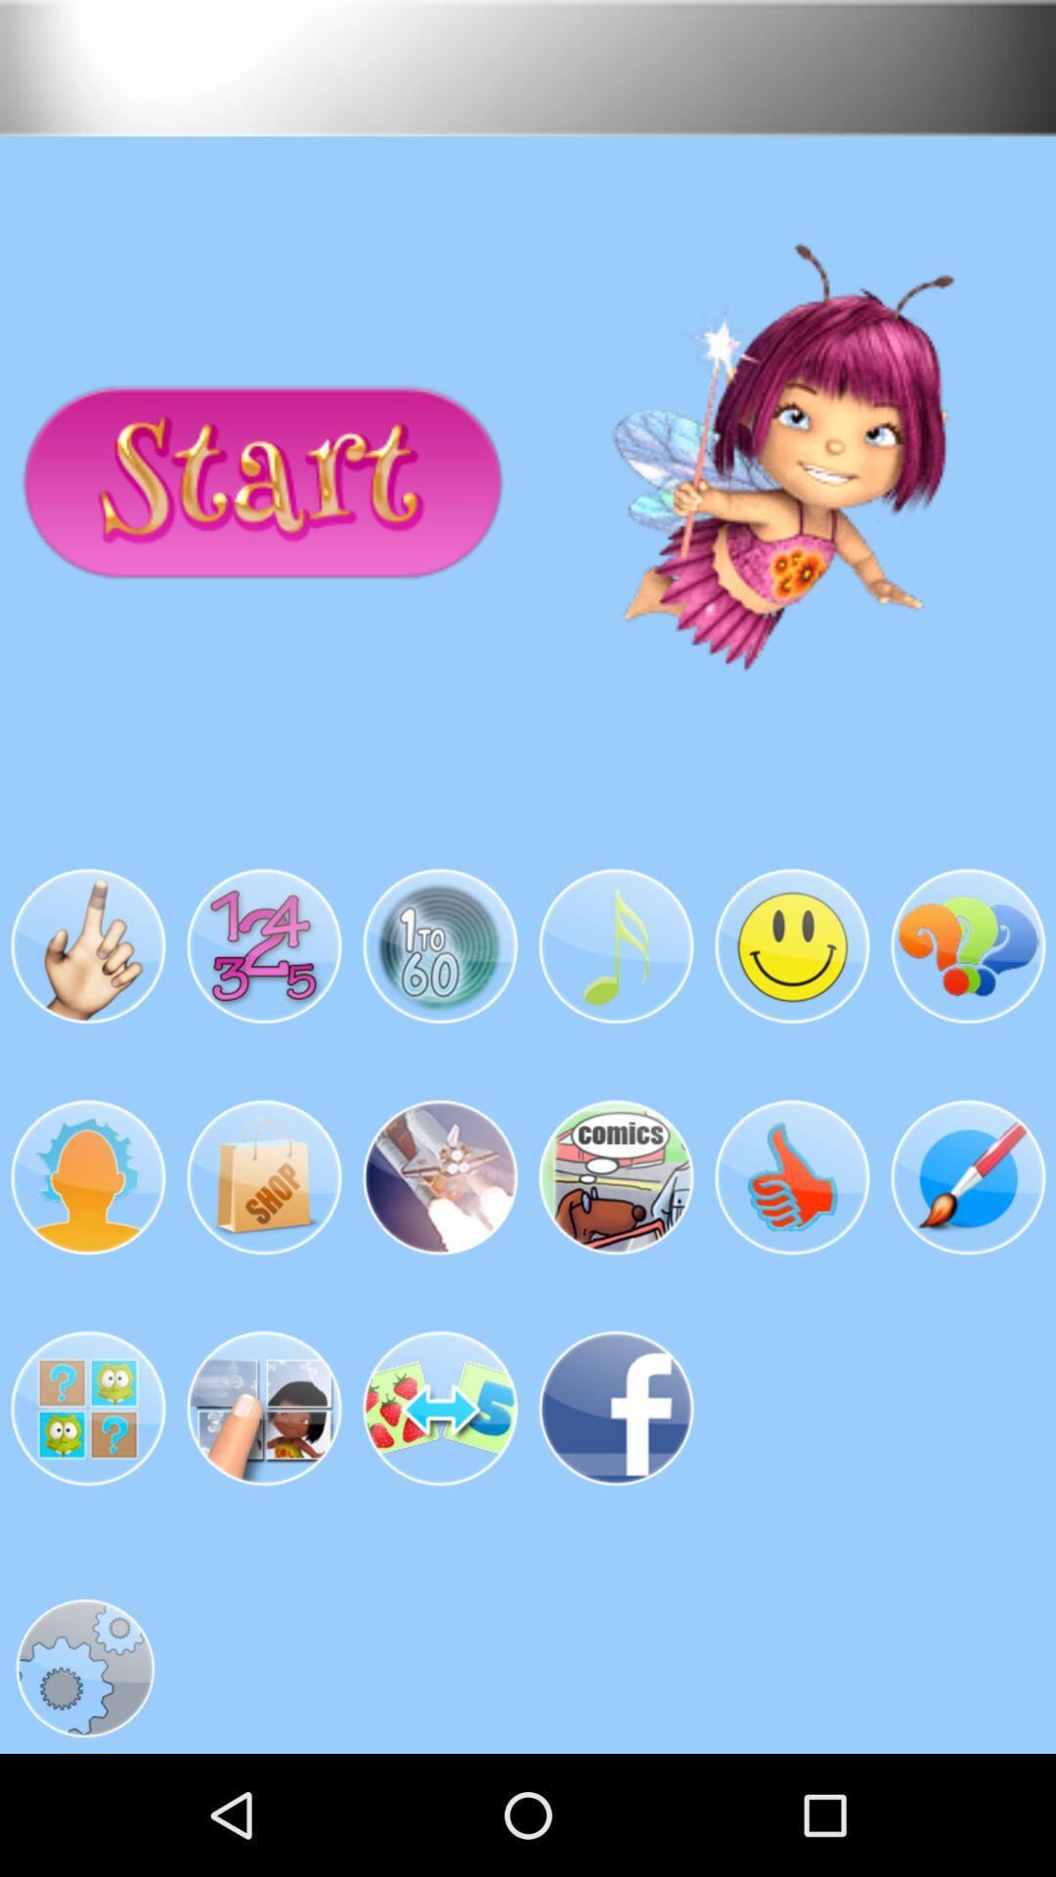  What do you see at coordinates (264, 1260) in the screenshot?
I see `the shop icon` at bounding box center [264, 1260].